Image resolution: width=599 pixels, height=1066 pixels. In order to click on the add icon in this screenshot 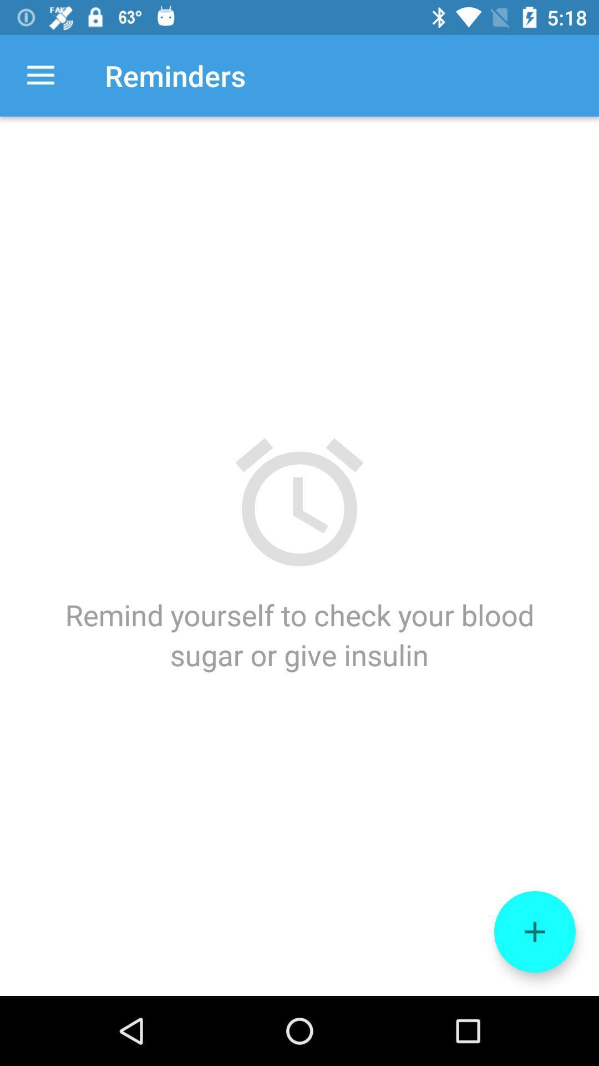, I will do `click(534, 932)`.